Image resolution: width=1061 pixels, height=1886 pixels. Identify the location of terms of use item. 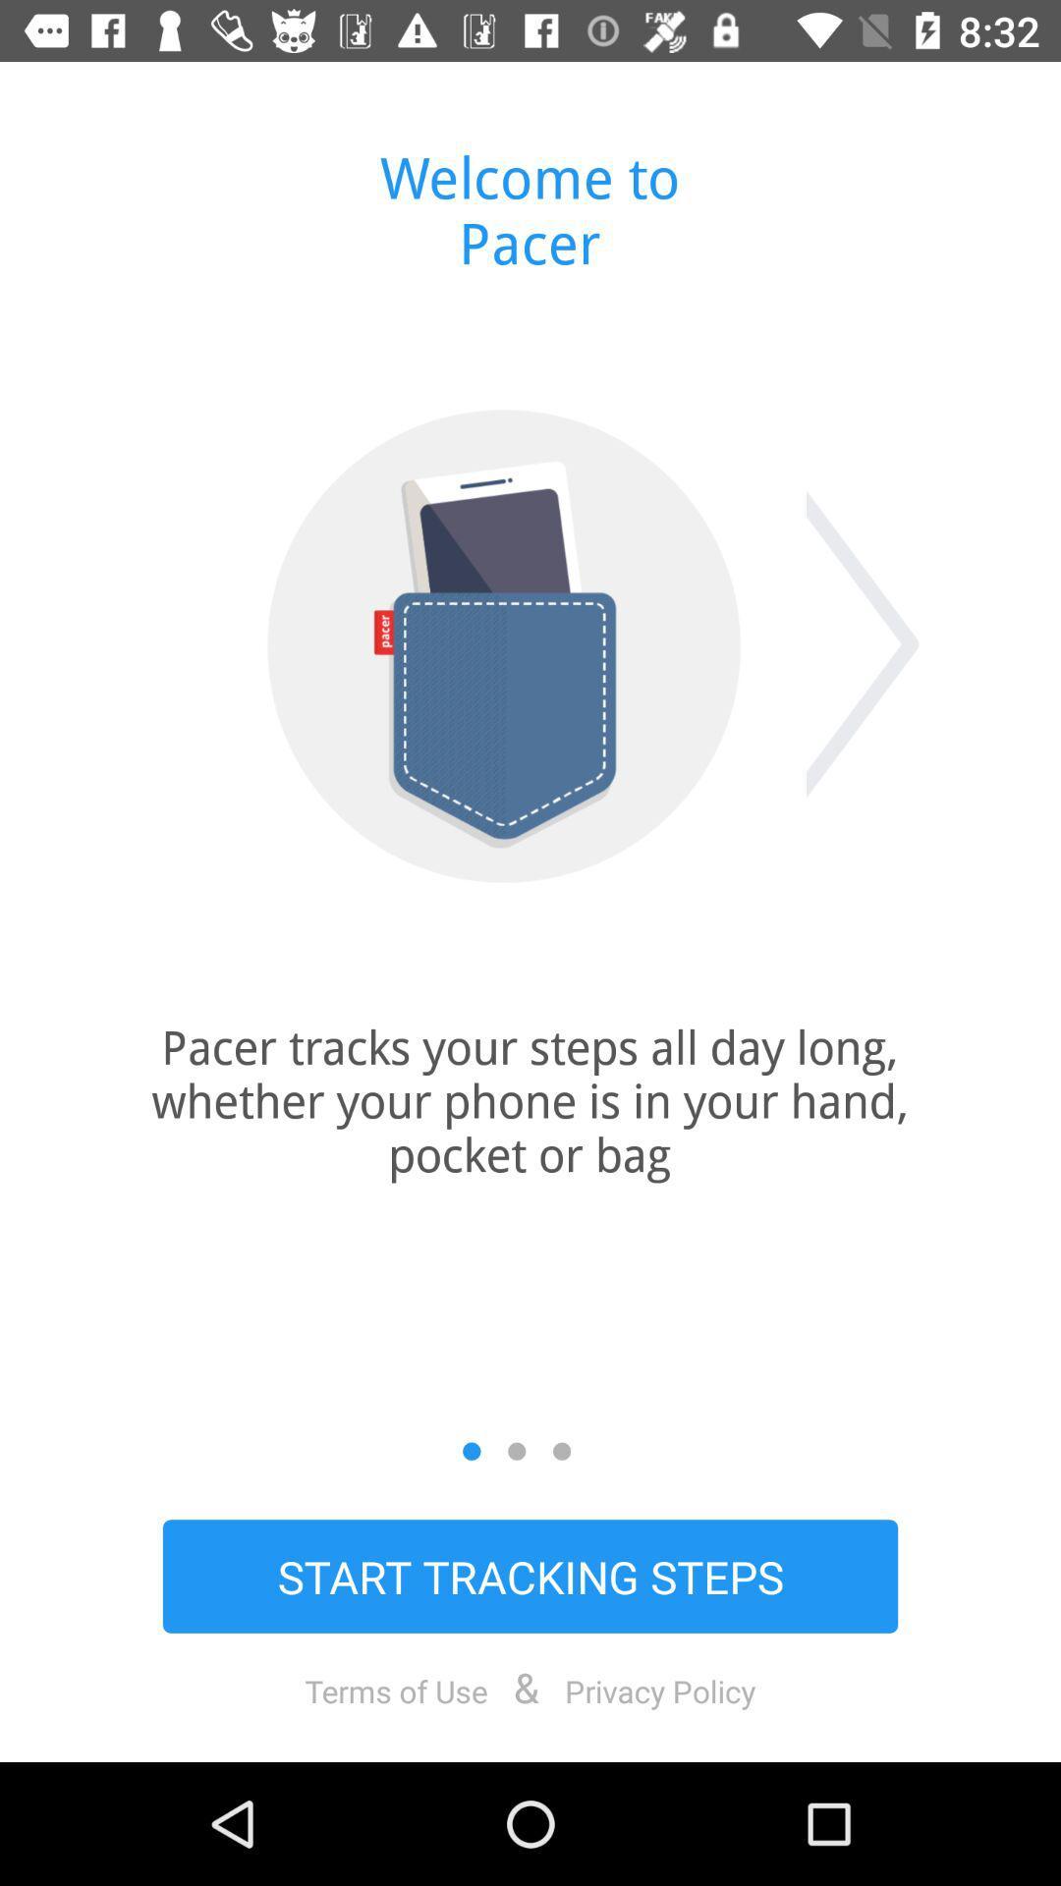
(396, 1690).